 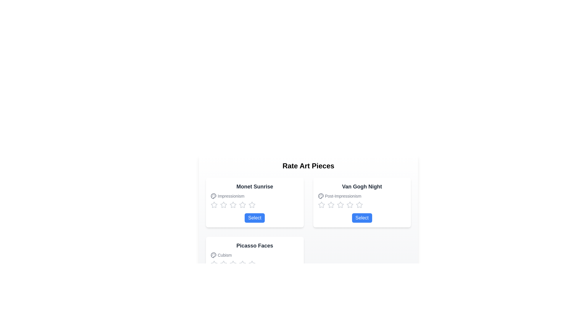 I want to click on the first star in the rating interface under the 'Picasso Faces' card to trigger a hover effect, so click(x=233, y=263).